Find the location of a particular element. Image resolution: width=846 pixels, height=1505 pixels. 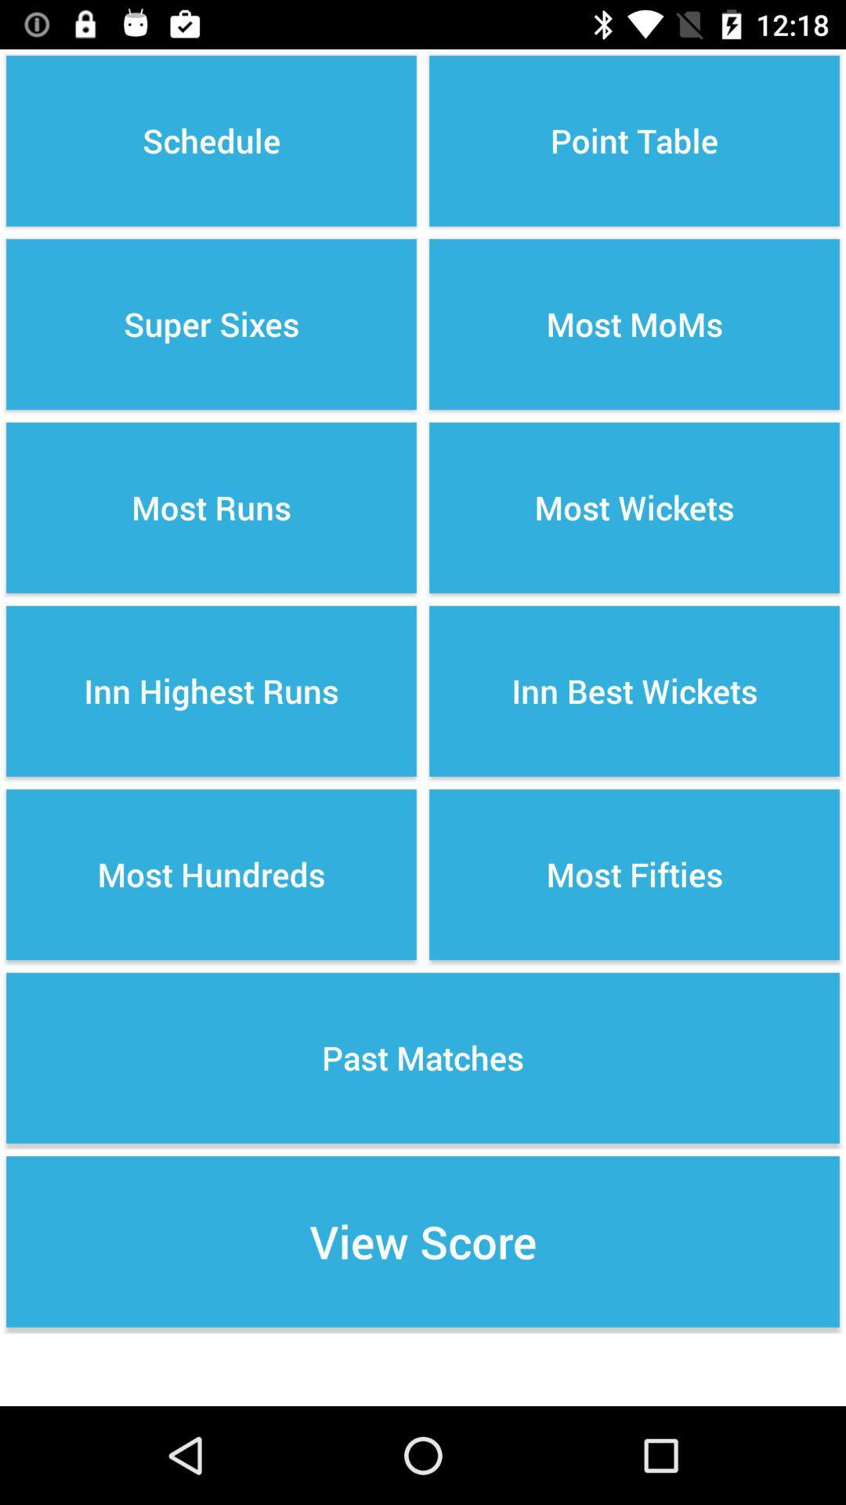

om most hundreds is located at coordinates (211, 873).